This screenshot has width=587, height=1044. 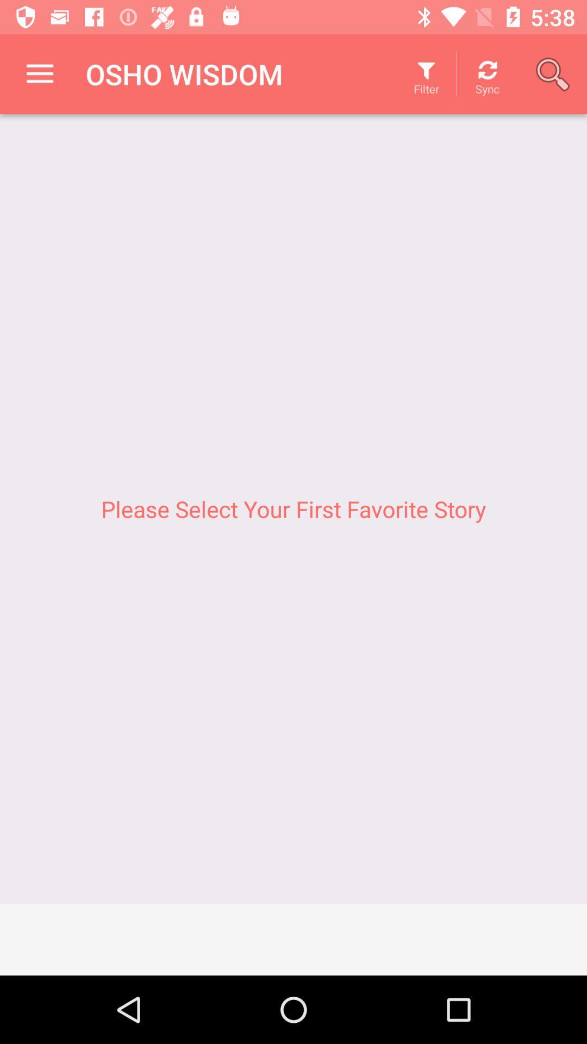 What do you see at coordinates (553, 73) in the screenshot?
I see `icon above the please select your` at bounding box center [553, 73].